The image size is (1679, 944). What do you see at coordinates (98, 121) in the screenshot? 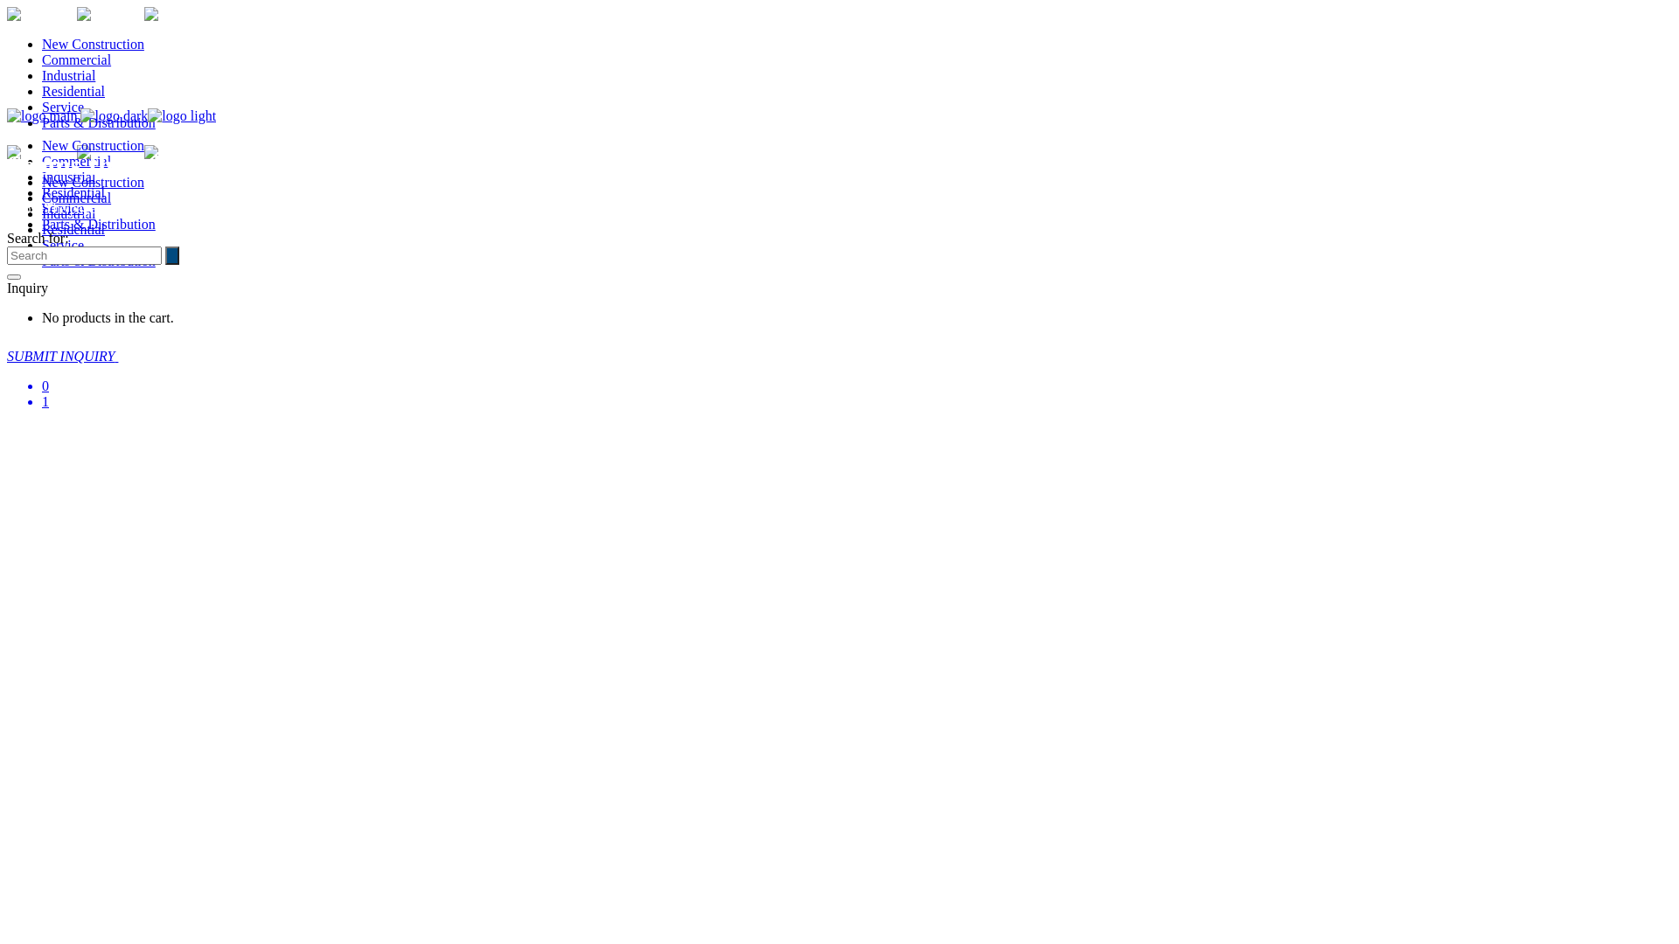
I see `'Parts & Distribution'` at bounding box center [98, 121].